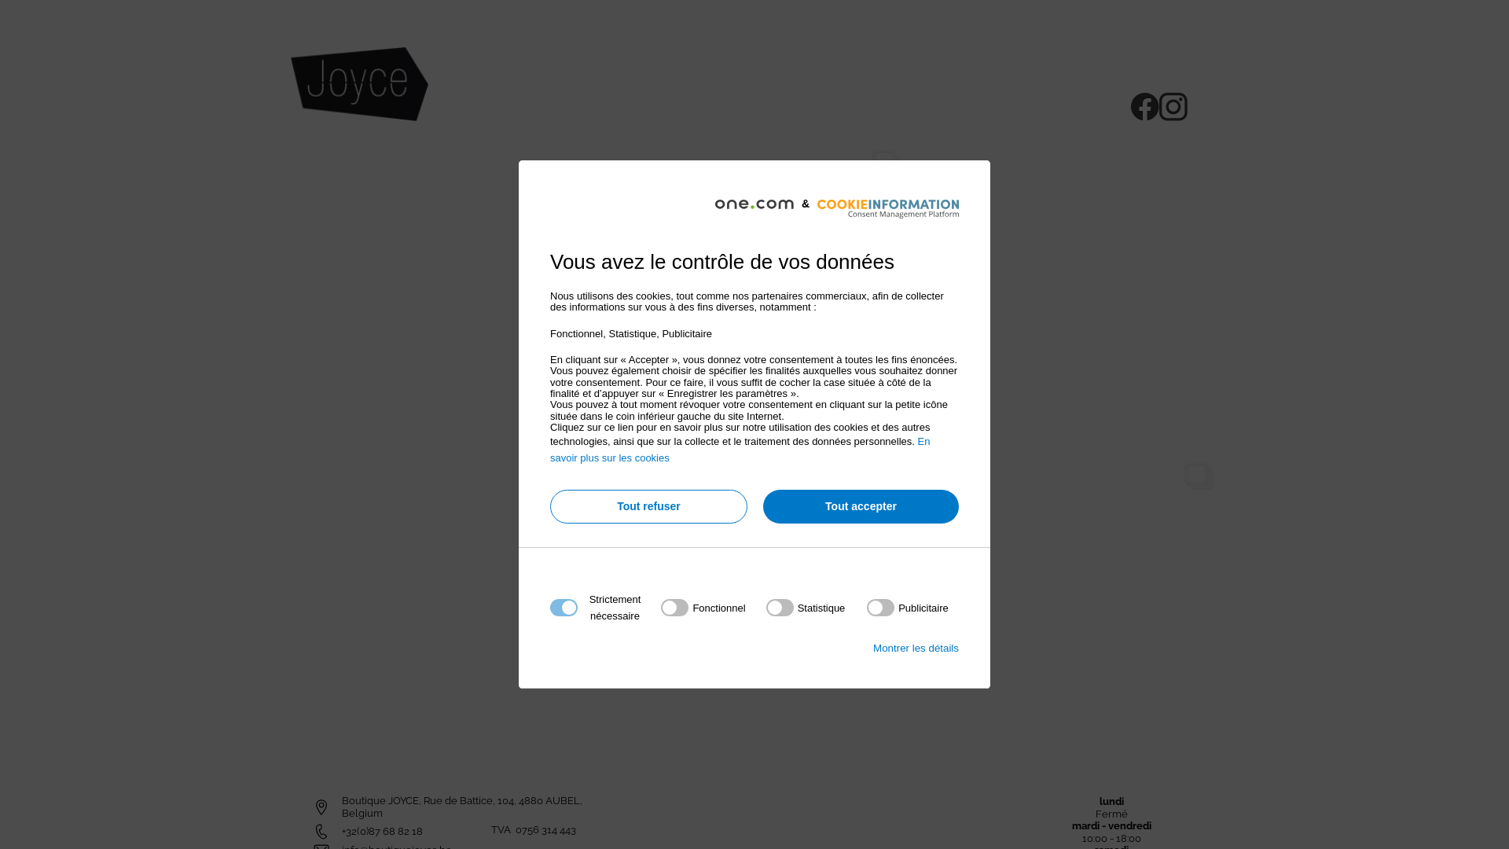 The image size is (1509, 849). What do you see at coordinates (739, 449) in the screenshot?
I see `'En savoir plus sur les cookies'` at bounding box center [739, 449].